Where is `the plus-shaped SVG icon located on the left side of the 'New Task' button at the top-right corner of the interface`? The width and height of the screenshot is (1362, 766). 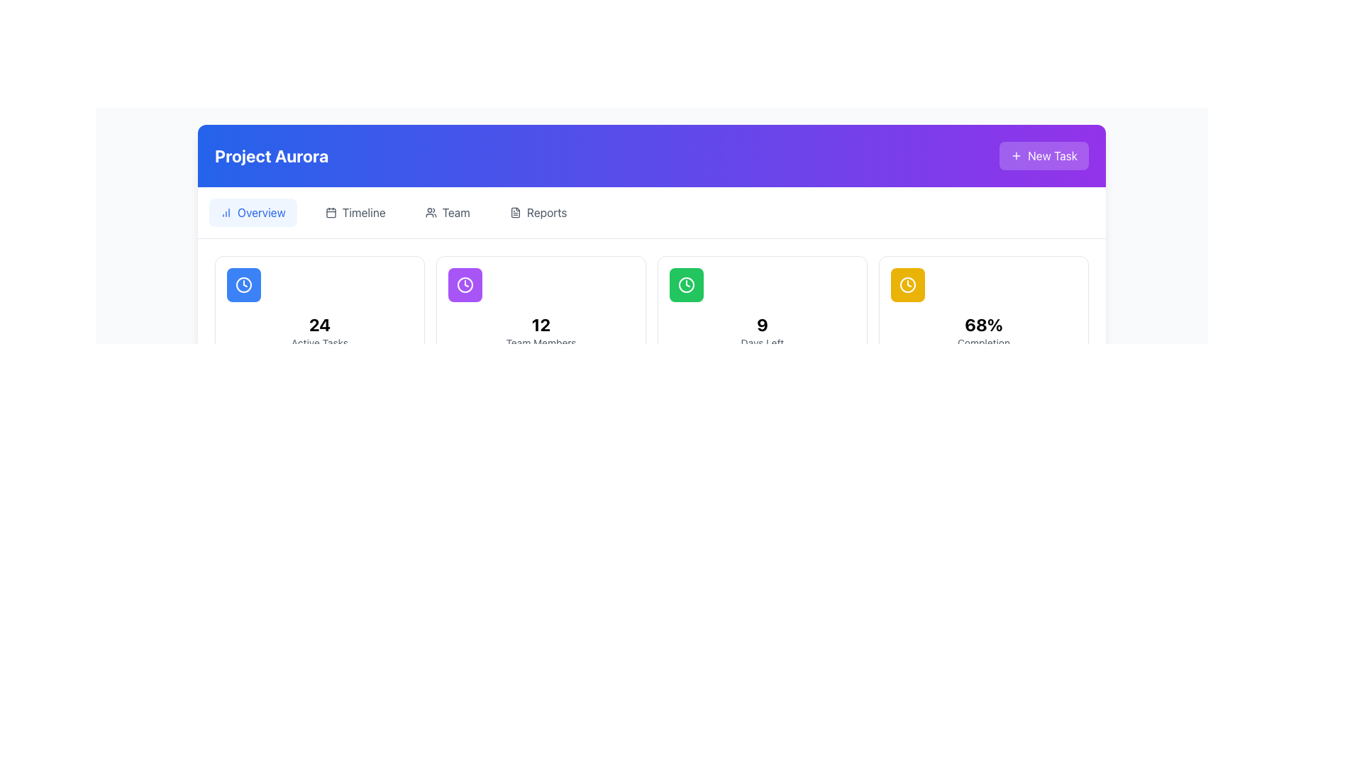
the plus-shaped SVG icon located on the left side of the 'New Task' button at the top-right corner of the interface is located at coordinates (1016, 155).